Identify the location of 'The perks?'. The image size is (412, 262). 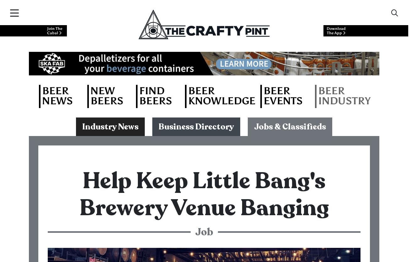
(76, 214).